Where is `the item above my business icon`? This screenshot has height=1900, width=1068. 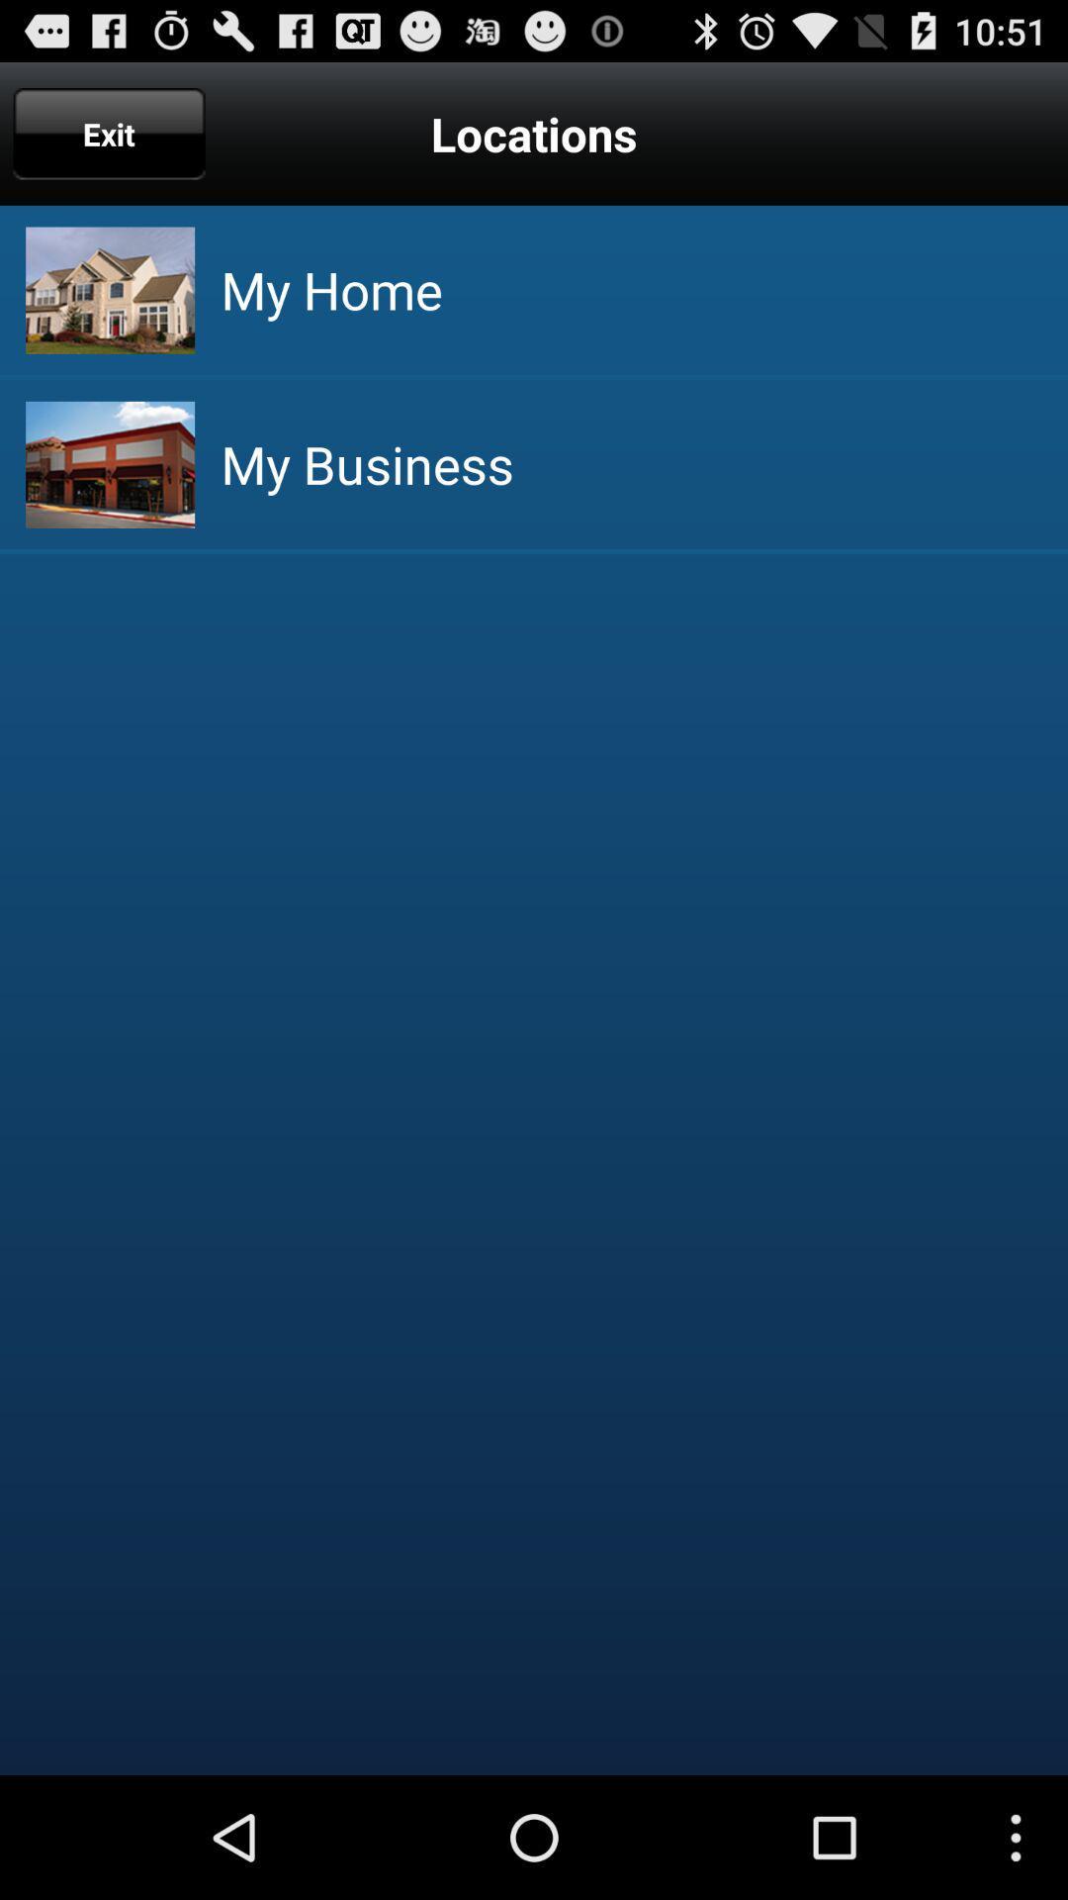 the item above my business icon is located at coordinates (330, 289).